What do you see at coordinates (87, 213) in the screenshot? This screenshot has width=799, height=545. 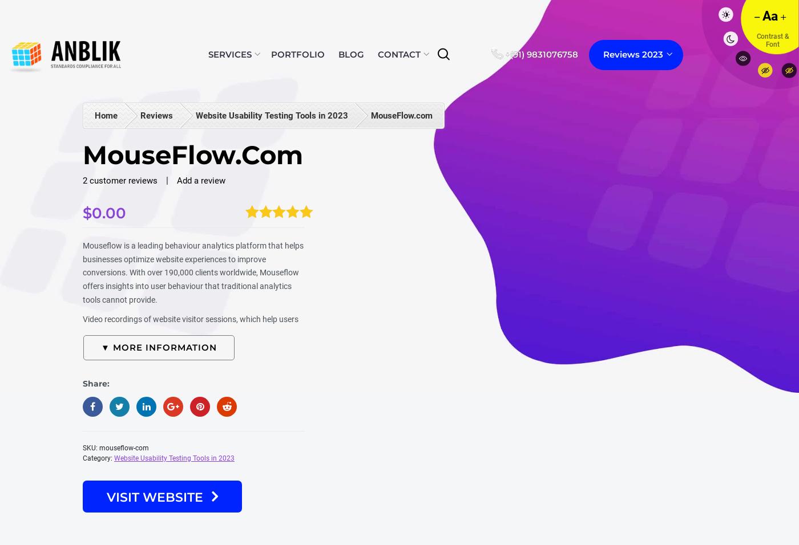 I see `'$'` at bounding box center [87, 213].